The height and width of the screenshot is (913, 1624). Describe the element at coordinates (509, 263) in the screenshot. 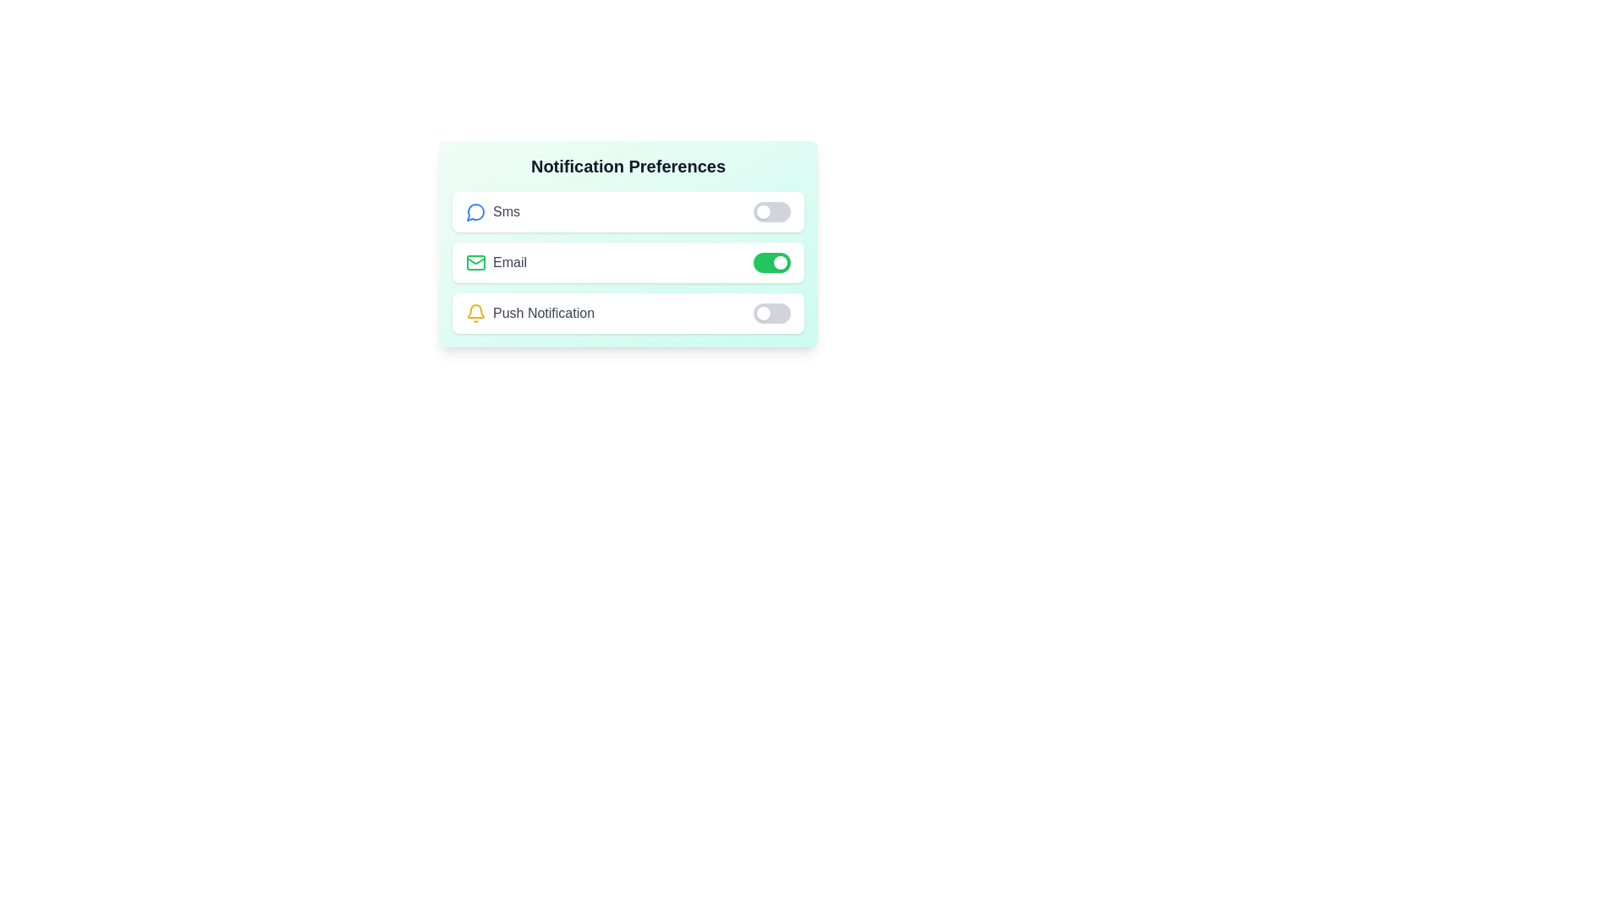

I see `the 'Email' text label element, which is displayed in a medium-sized, gray-colored, capitalized font, located centrally within the 'Notification Preferences' panel beside an email icon` at that location.